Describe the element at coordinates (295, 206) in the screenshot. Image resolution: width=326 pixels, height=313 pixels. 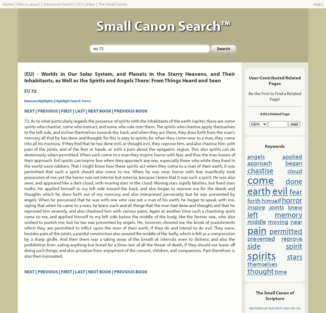
I see `'knew'` at that location.